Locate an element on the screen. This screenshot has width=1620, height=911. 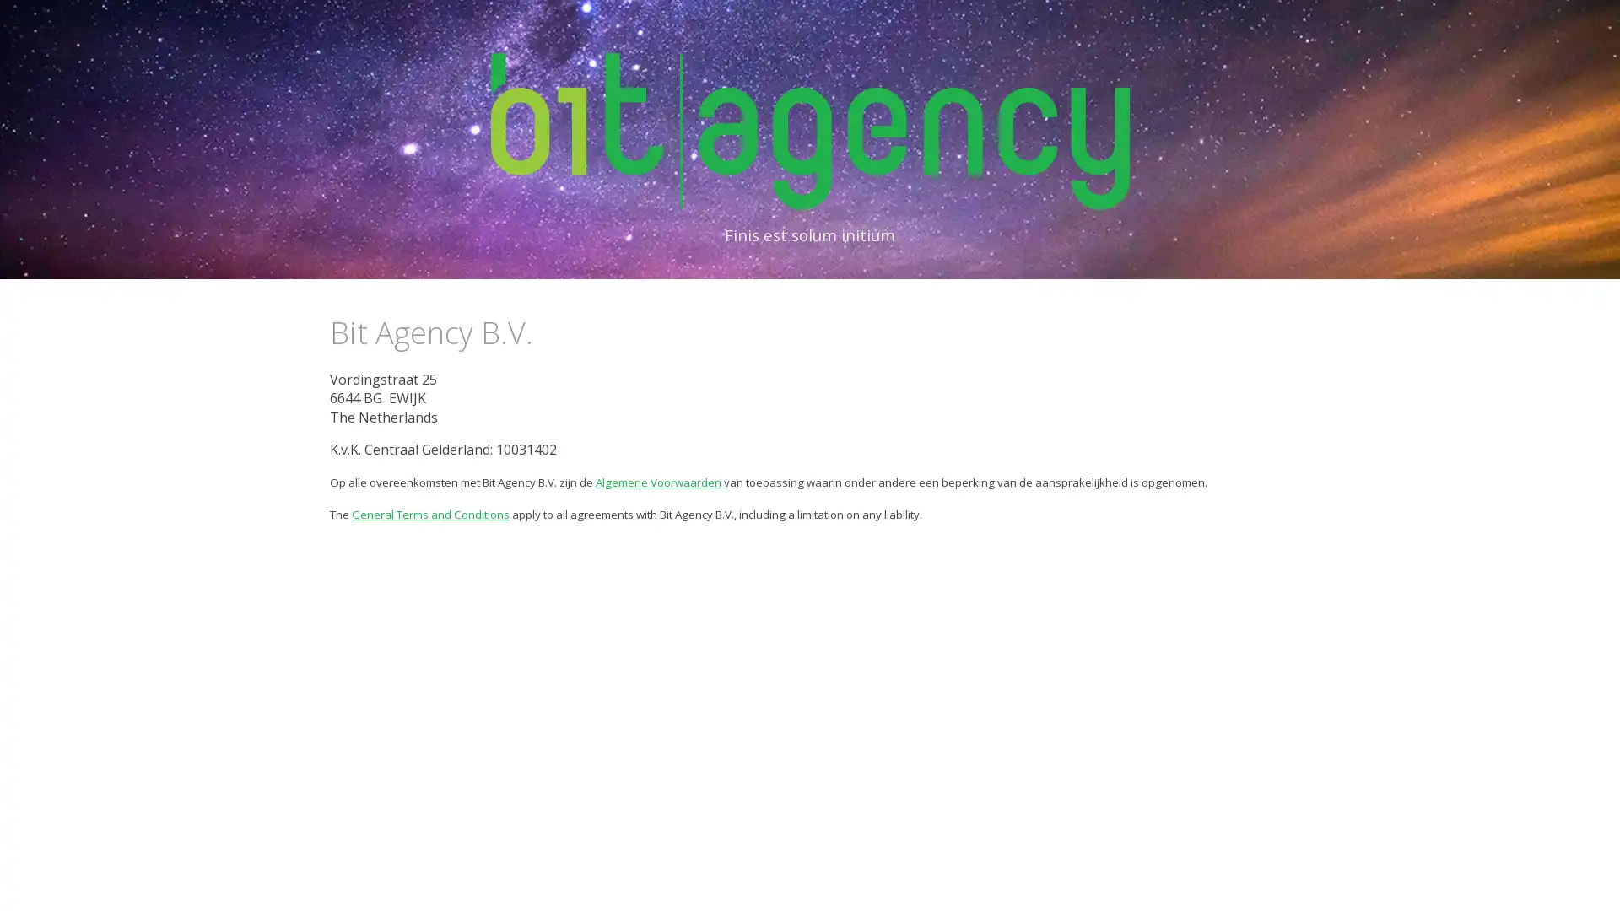
Skip to navigation is located at coordinates (961, 31).